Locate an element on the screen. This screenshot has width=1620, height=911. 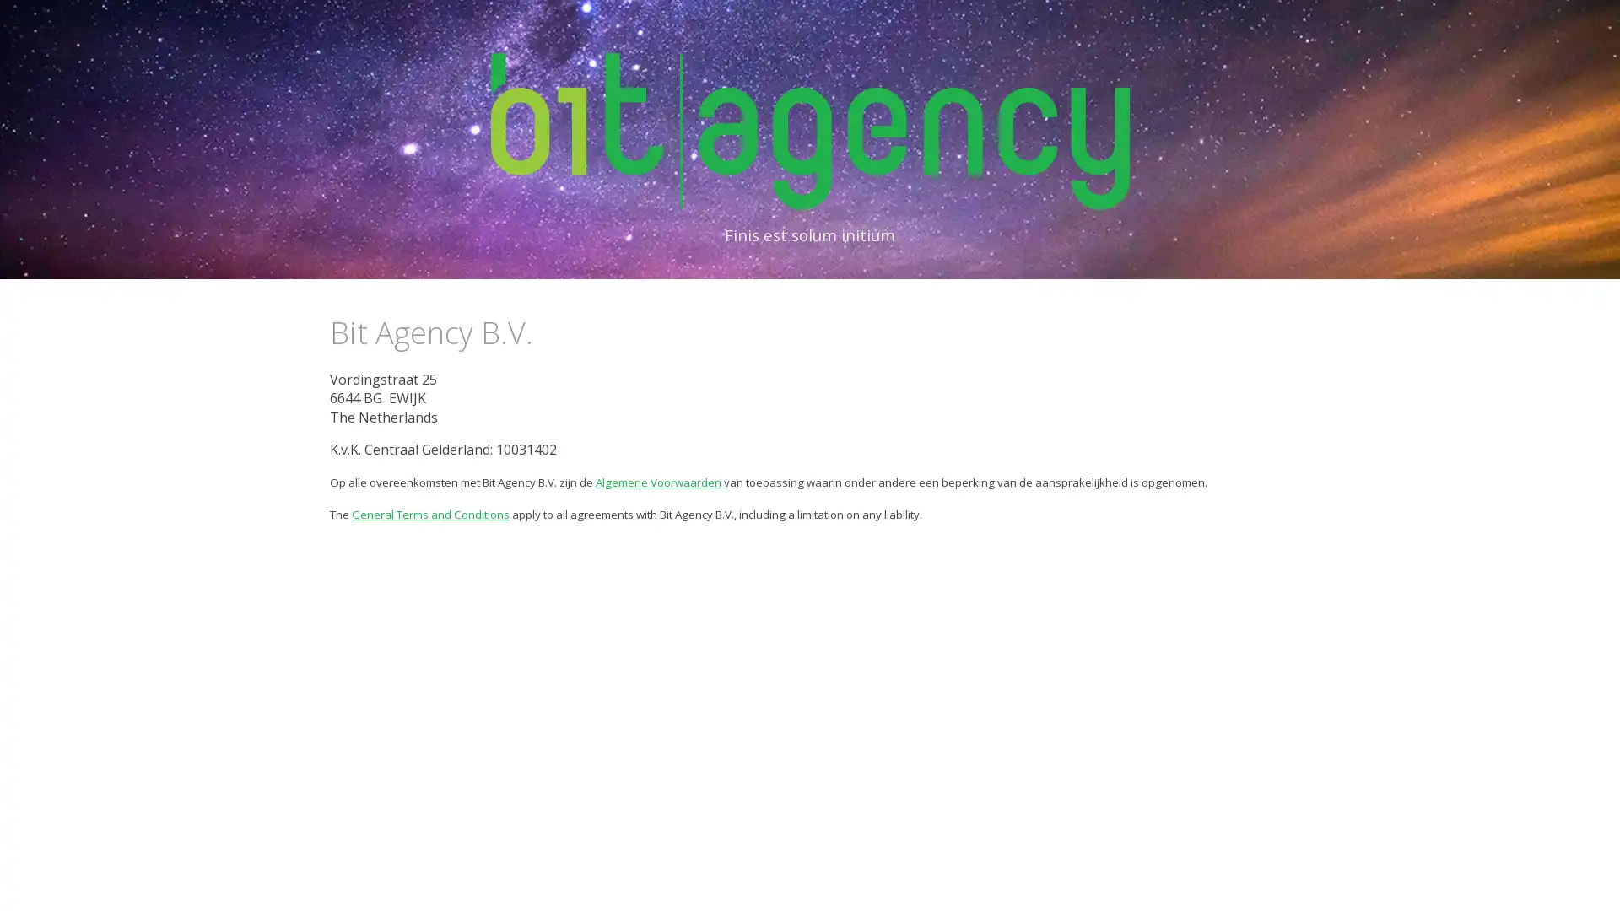
Skip to navigation is located at coordinates (961, 31).